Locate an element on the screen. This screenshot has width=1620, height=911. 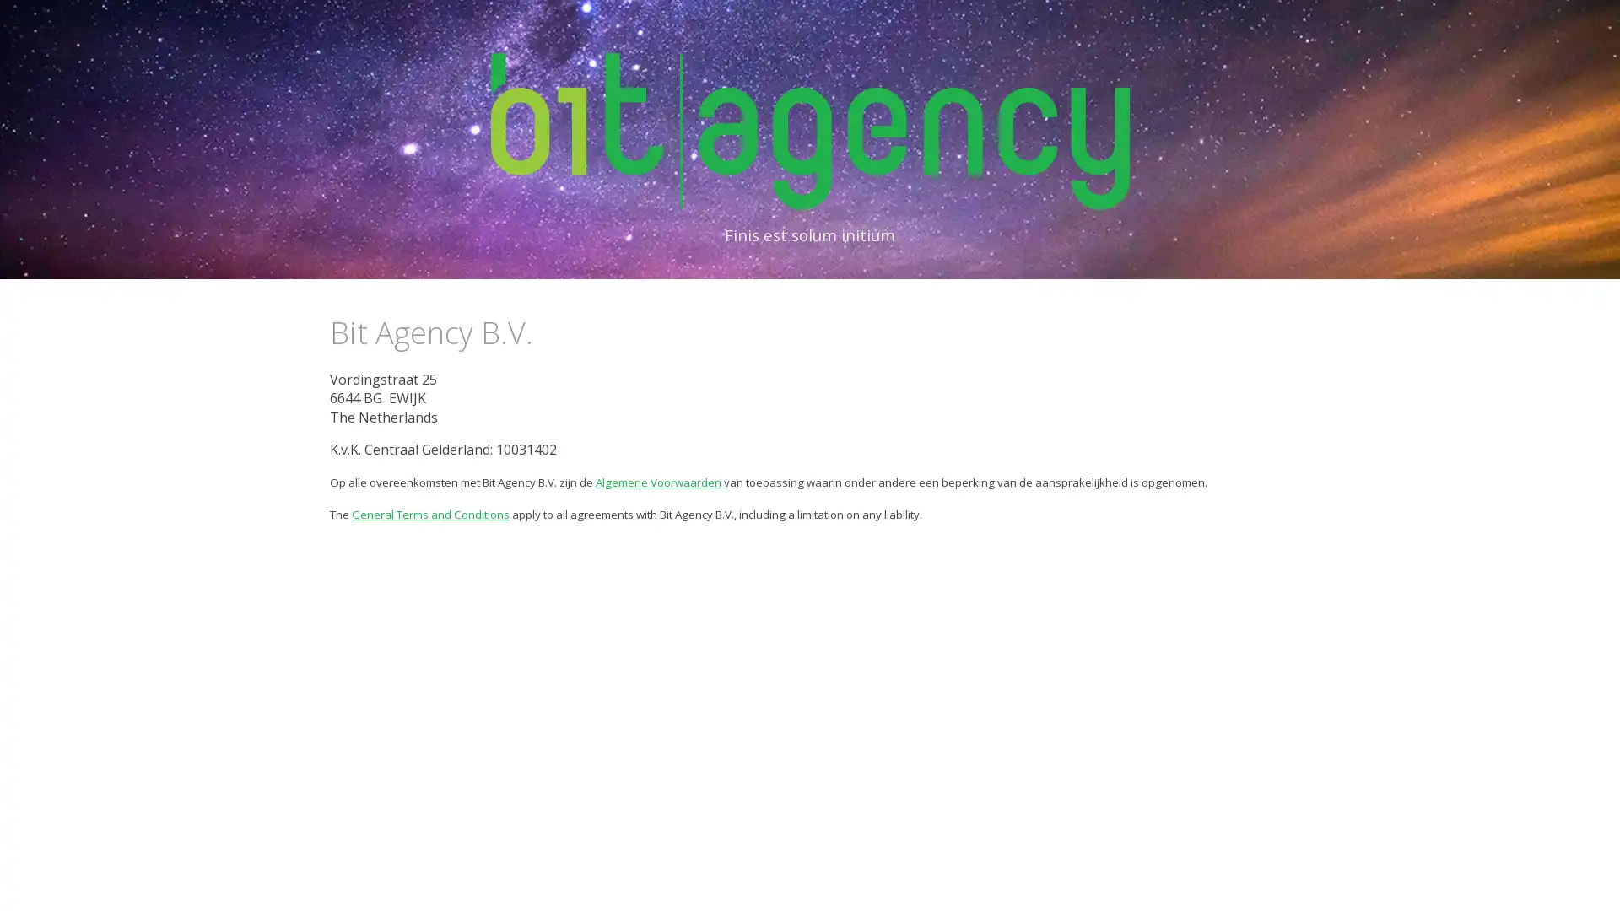
Skip to navigation is located at coordinates (961, 31).